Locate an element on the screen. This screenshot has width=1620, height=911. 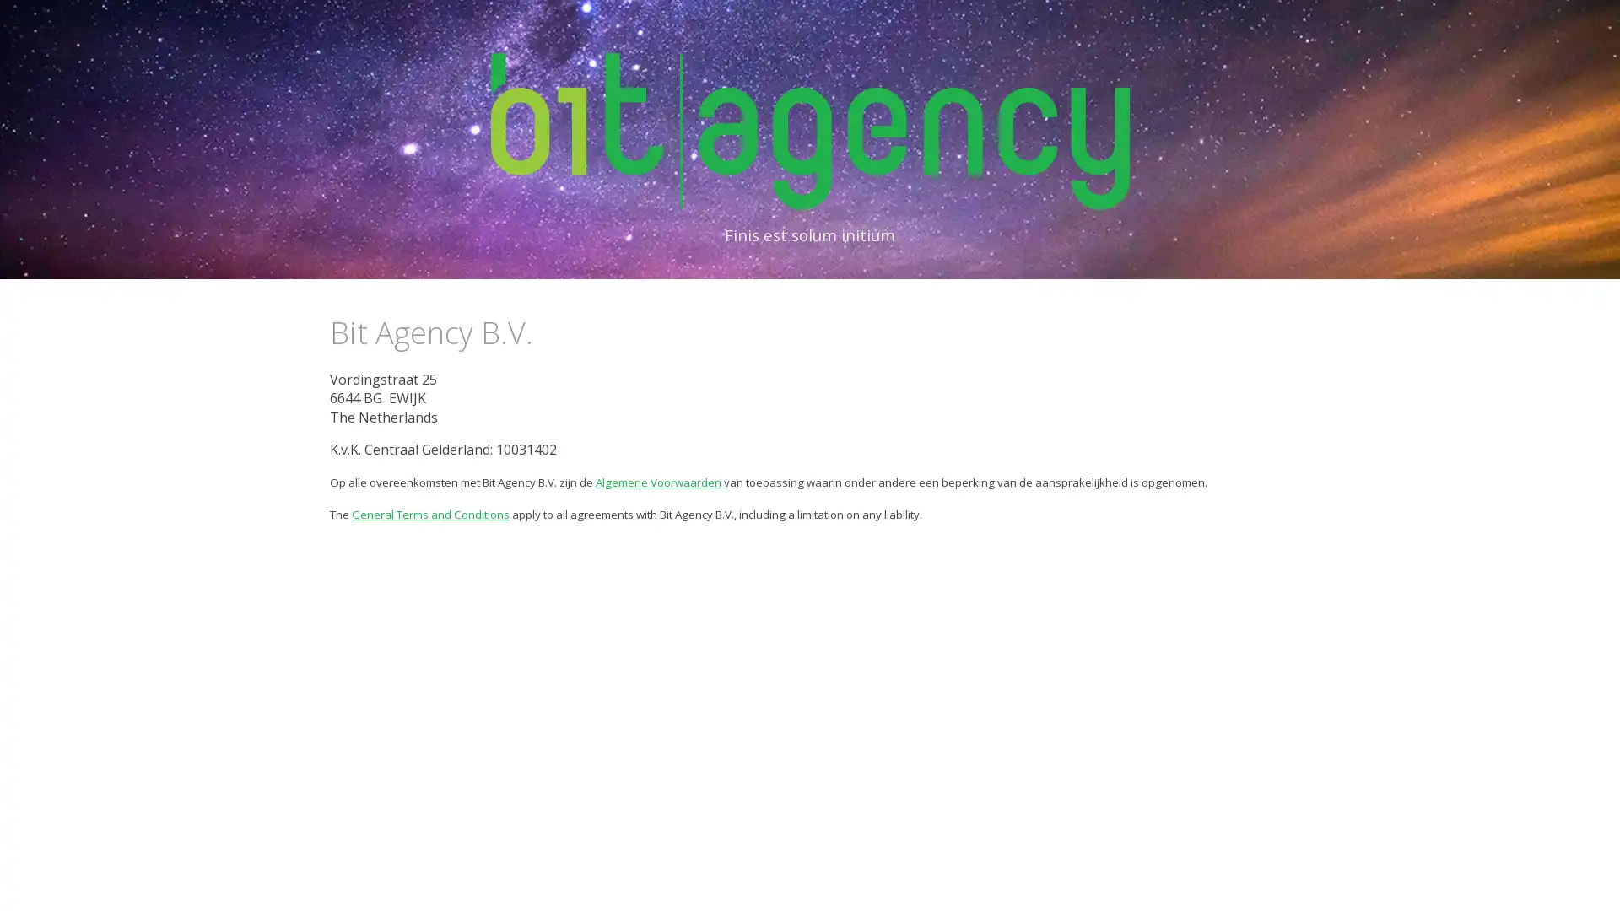
Skip to navigation is located at coordinates (961, 31).